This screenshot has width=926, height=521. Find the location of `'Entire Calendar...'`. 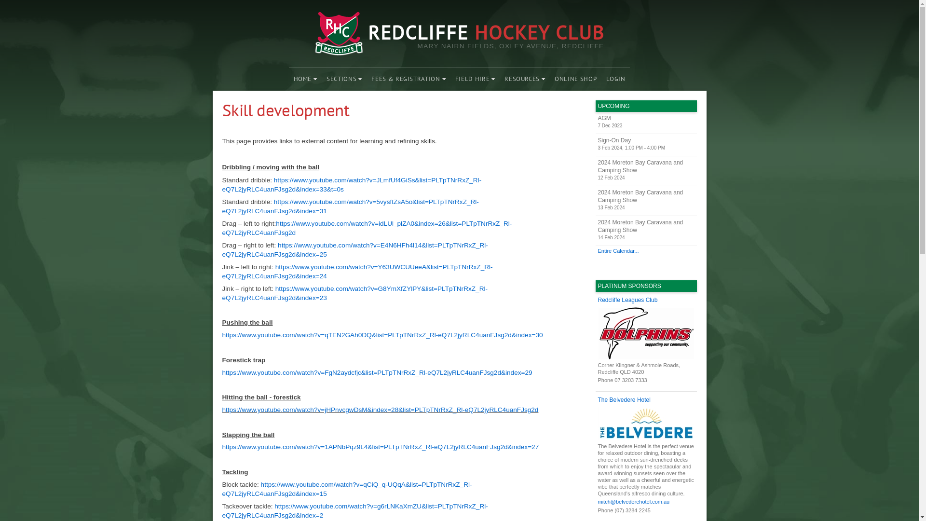

'Entire Calendar...' is located at coordinates (646, 250).